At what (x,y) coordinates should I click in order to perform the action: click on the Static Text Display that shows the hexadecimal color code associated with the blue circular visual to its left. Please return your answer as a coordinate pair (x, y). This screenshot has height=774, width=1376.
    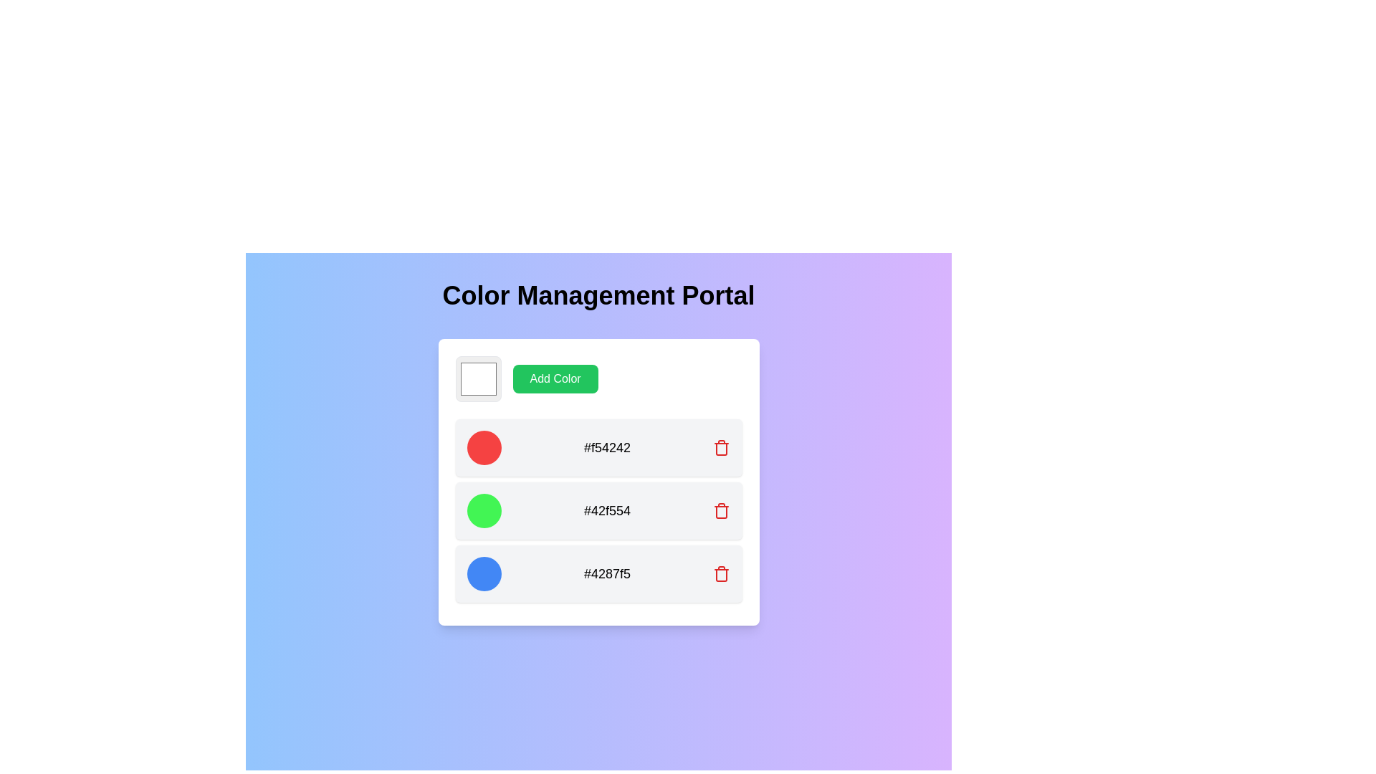
    Looking at the image, I should click on (607, 573).